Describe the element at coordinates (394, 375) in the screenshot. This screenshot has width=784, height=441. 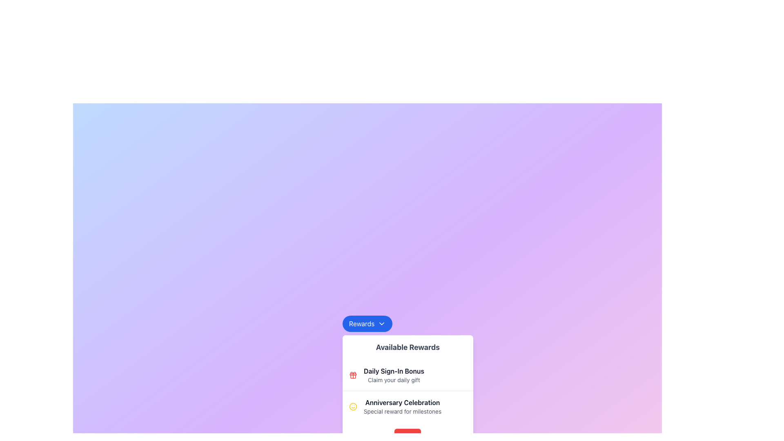
I see `the clickable text block describing the reward for daily sign-ins to claim or learn about the reward` at that location.